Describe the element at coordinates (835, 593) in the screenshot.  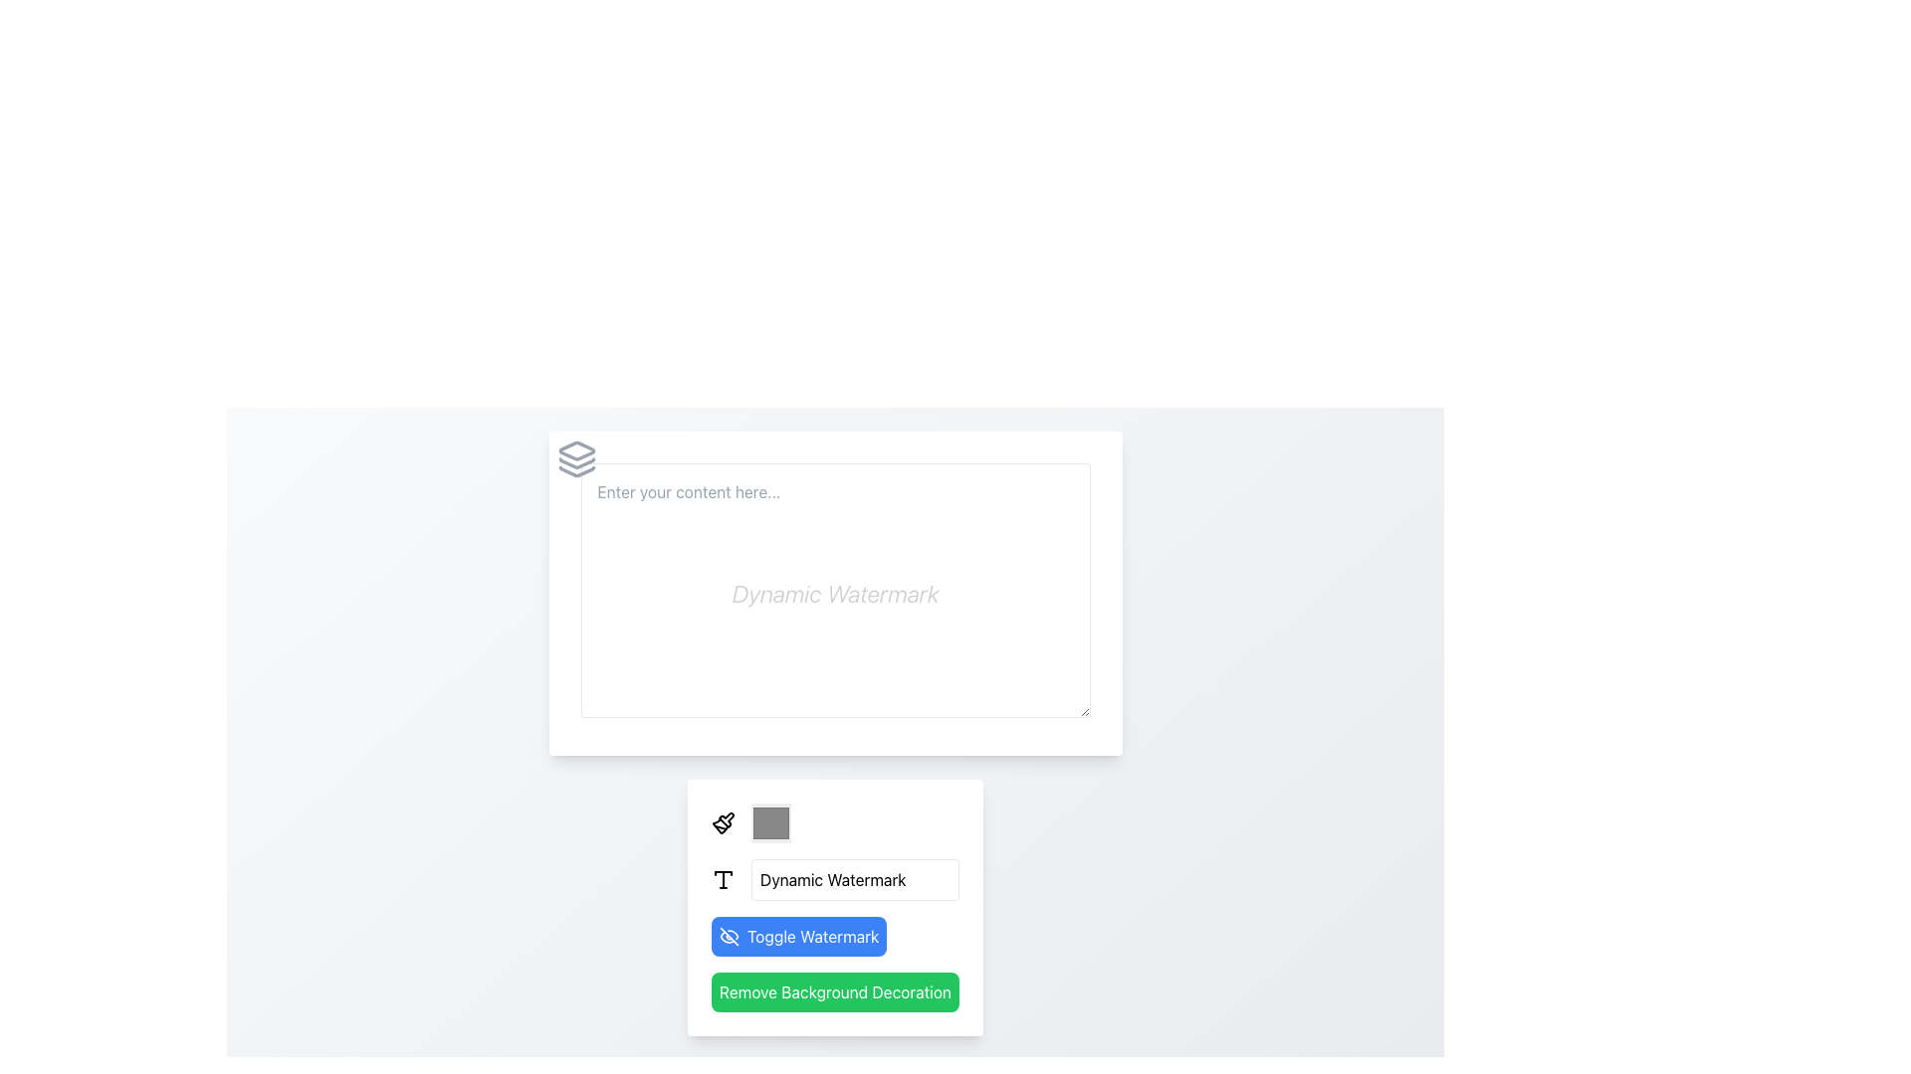
I see `the styled text area field that displays the 'Dynamic Watermark' hint` at that location.